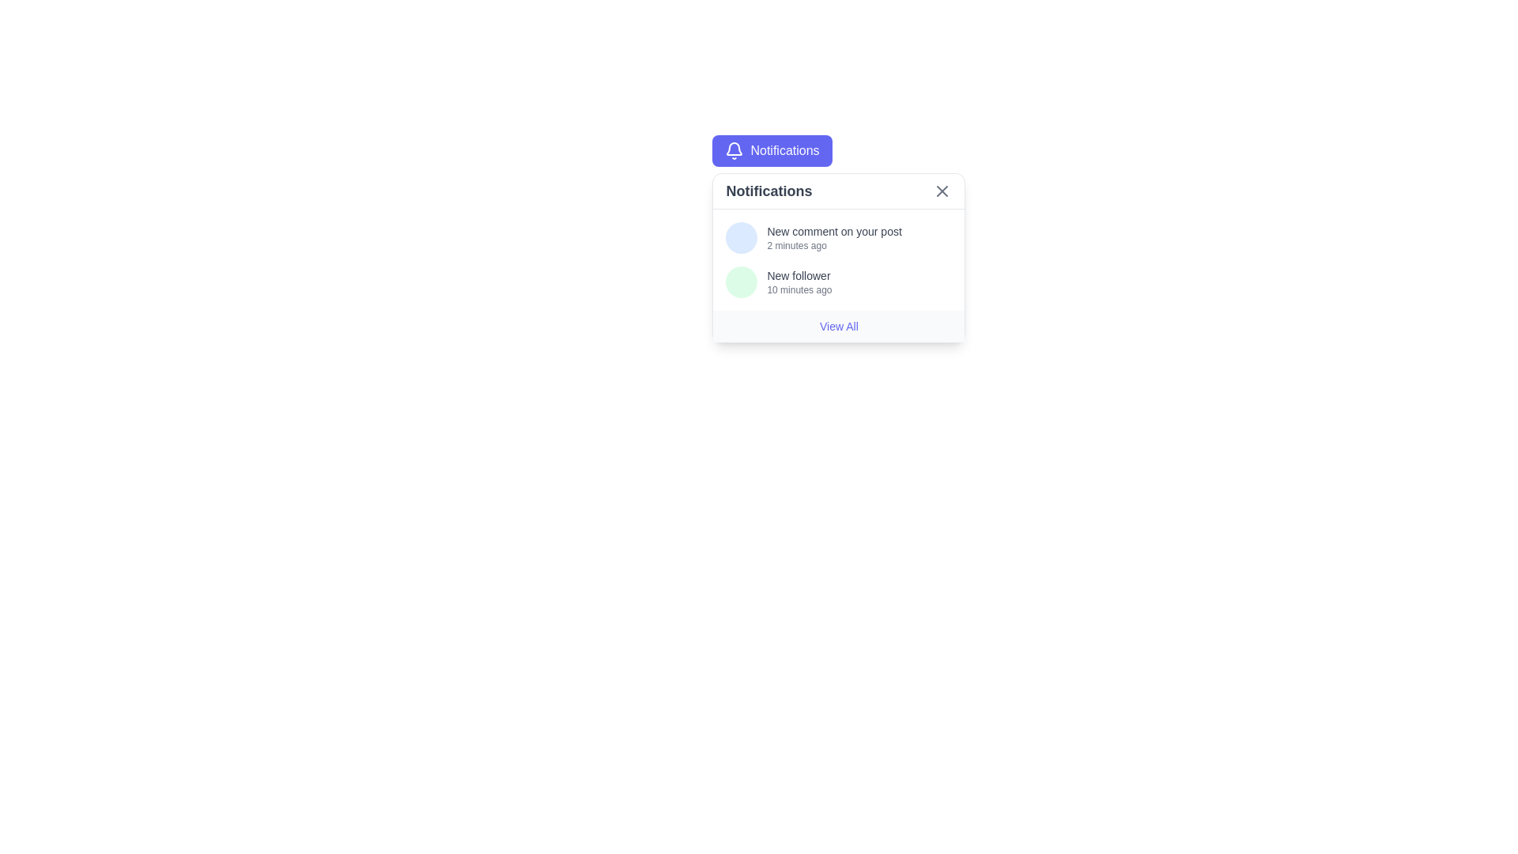  Describe the element at coordinates (799, 274) in the screenshot. I see `the 'New follower' notification label located in the notification dropdown panel under the heading 'Notifications'. This label indicates the type of activity being reported` at that location.